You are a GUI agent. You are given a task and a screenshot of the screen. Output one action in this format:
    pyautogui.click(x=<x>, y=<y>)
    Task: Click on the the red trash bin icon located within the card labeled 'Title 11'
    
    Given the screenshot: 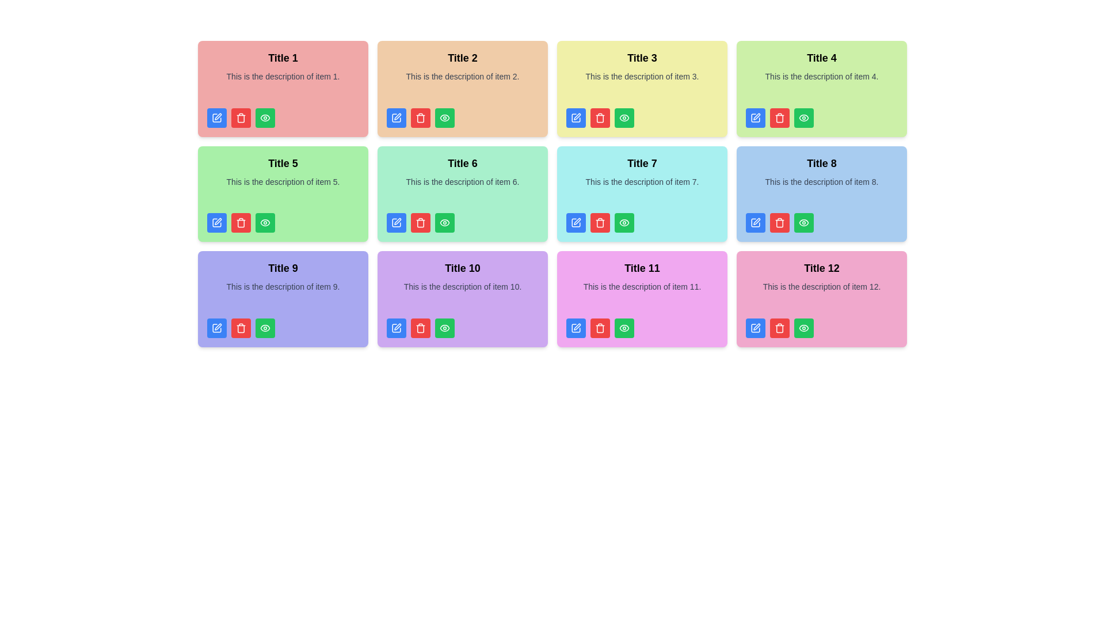 What is the action you would take?
    pyautogui.click(x=599, y=328)
    